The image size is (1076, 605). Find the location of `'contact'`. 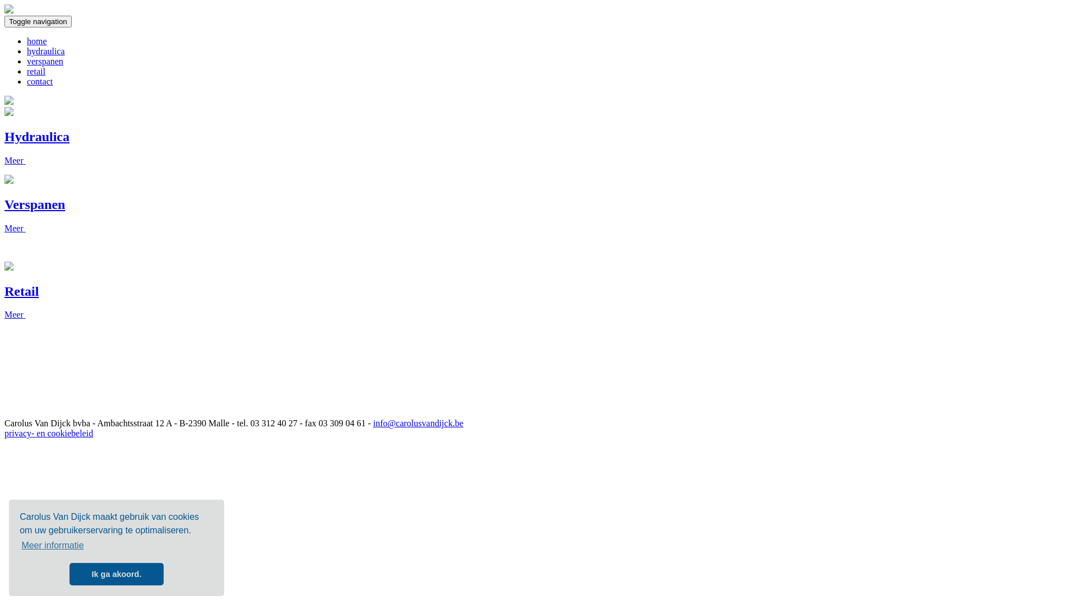

'contact' is located at coordinates (40, 81).